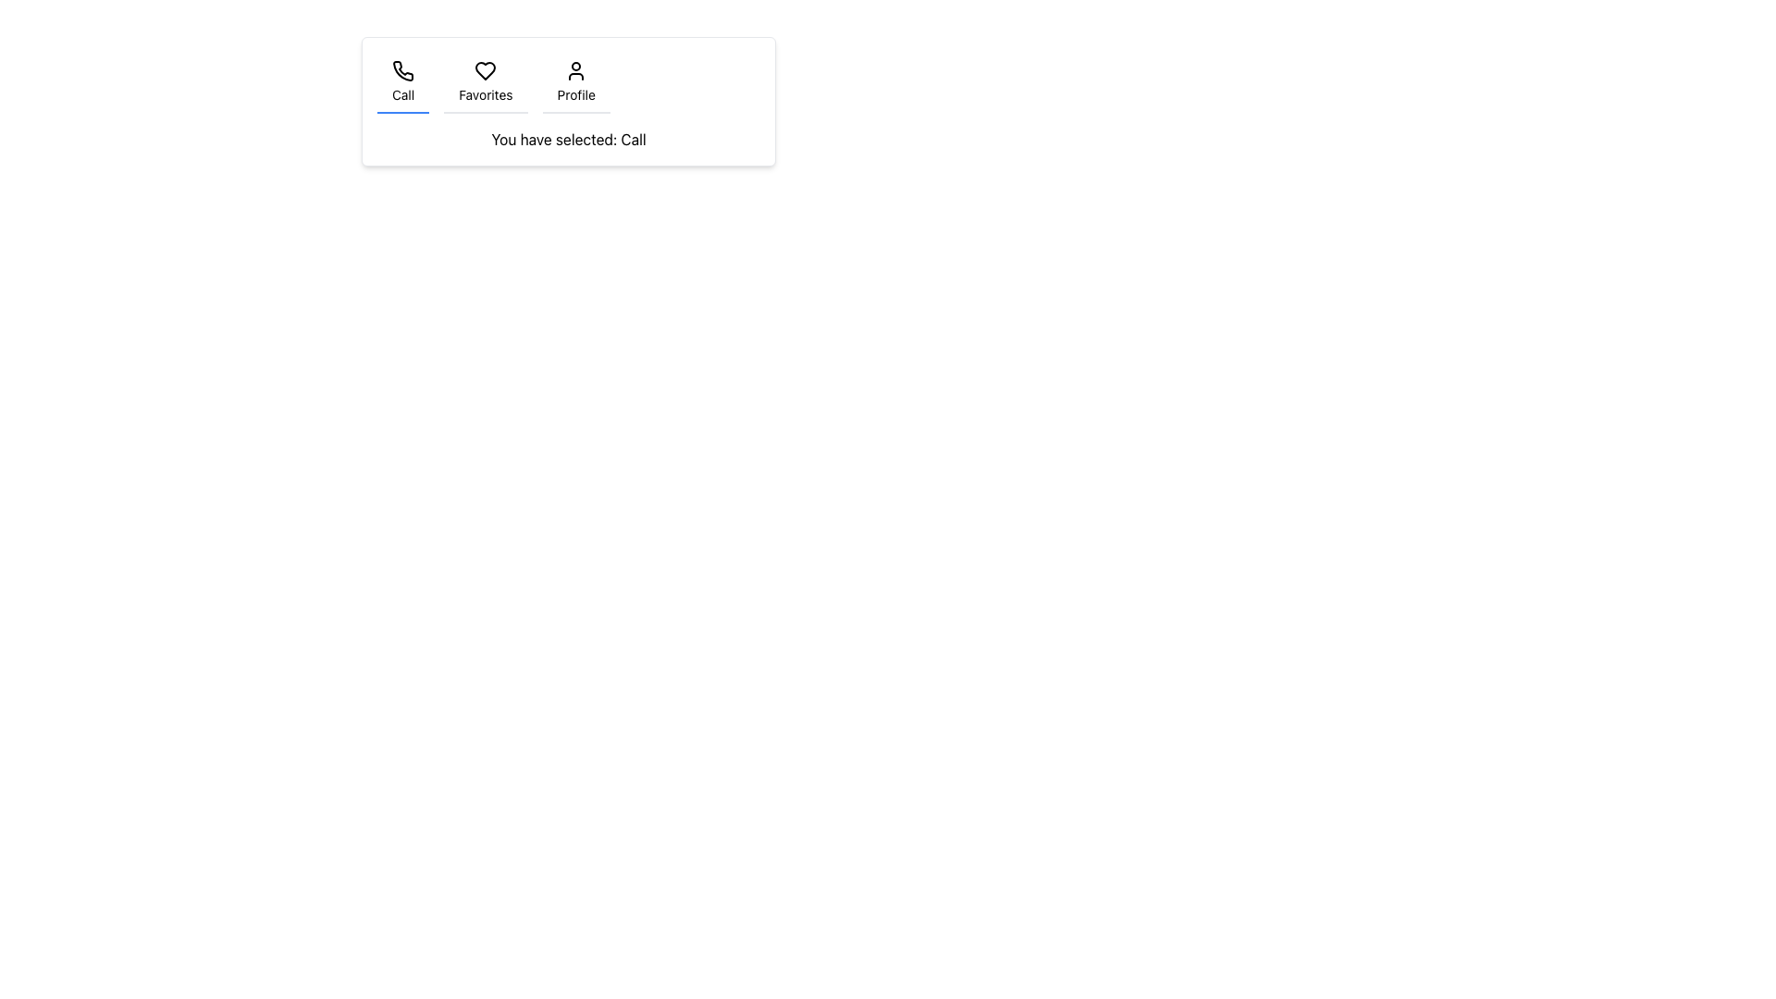  What do you see at coordinates (486, 81) in the screenshot?
I see `the heart-shaped button labeled 'Favorites'` at bounding box center [486, 81].